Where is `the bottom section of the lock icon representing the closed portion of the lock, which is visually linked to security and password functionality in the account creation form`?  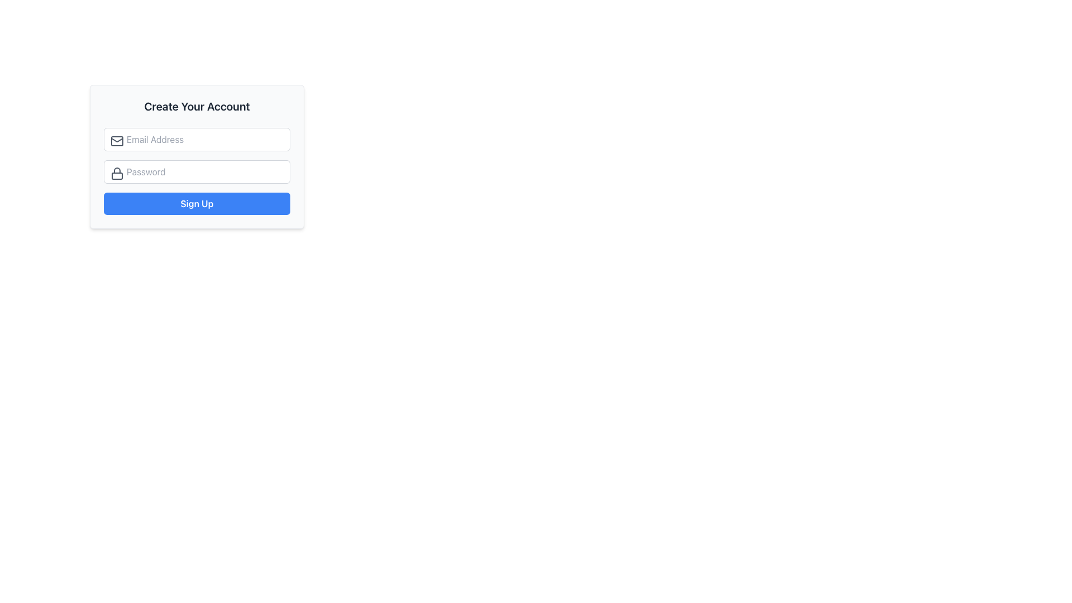
the bottom section of the lock icon representing the closed portion of the lock, which is visually linked to security and password functionality in the account creation form is located at coordinates (117, 176).